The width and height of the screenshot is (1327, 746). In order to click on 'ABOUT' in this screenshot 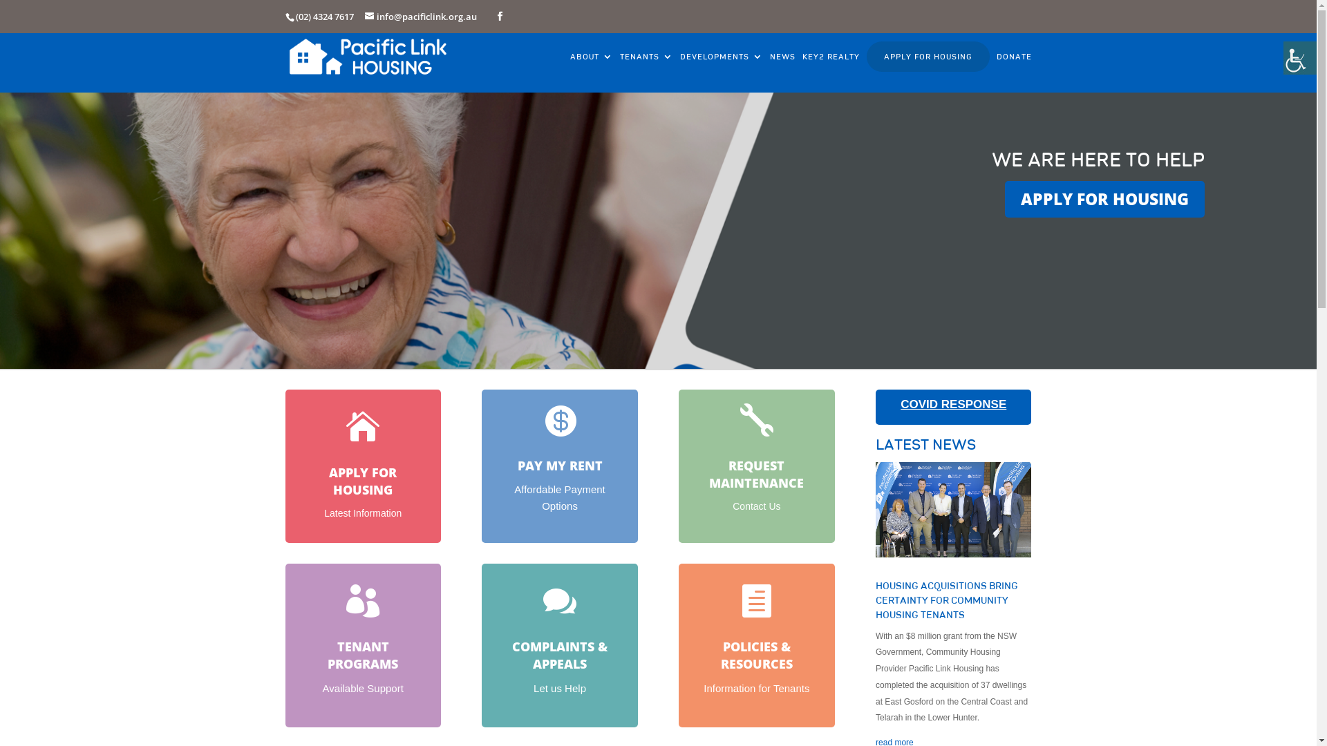, I will do `click(590, 72)`.